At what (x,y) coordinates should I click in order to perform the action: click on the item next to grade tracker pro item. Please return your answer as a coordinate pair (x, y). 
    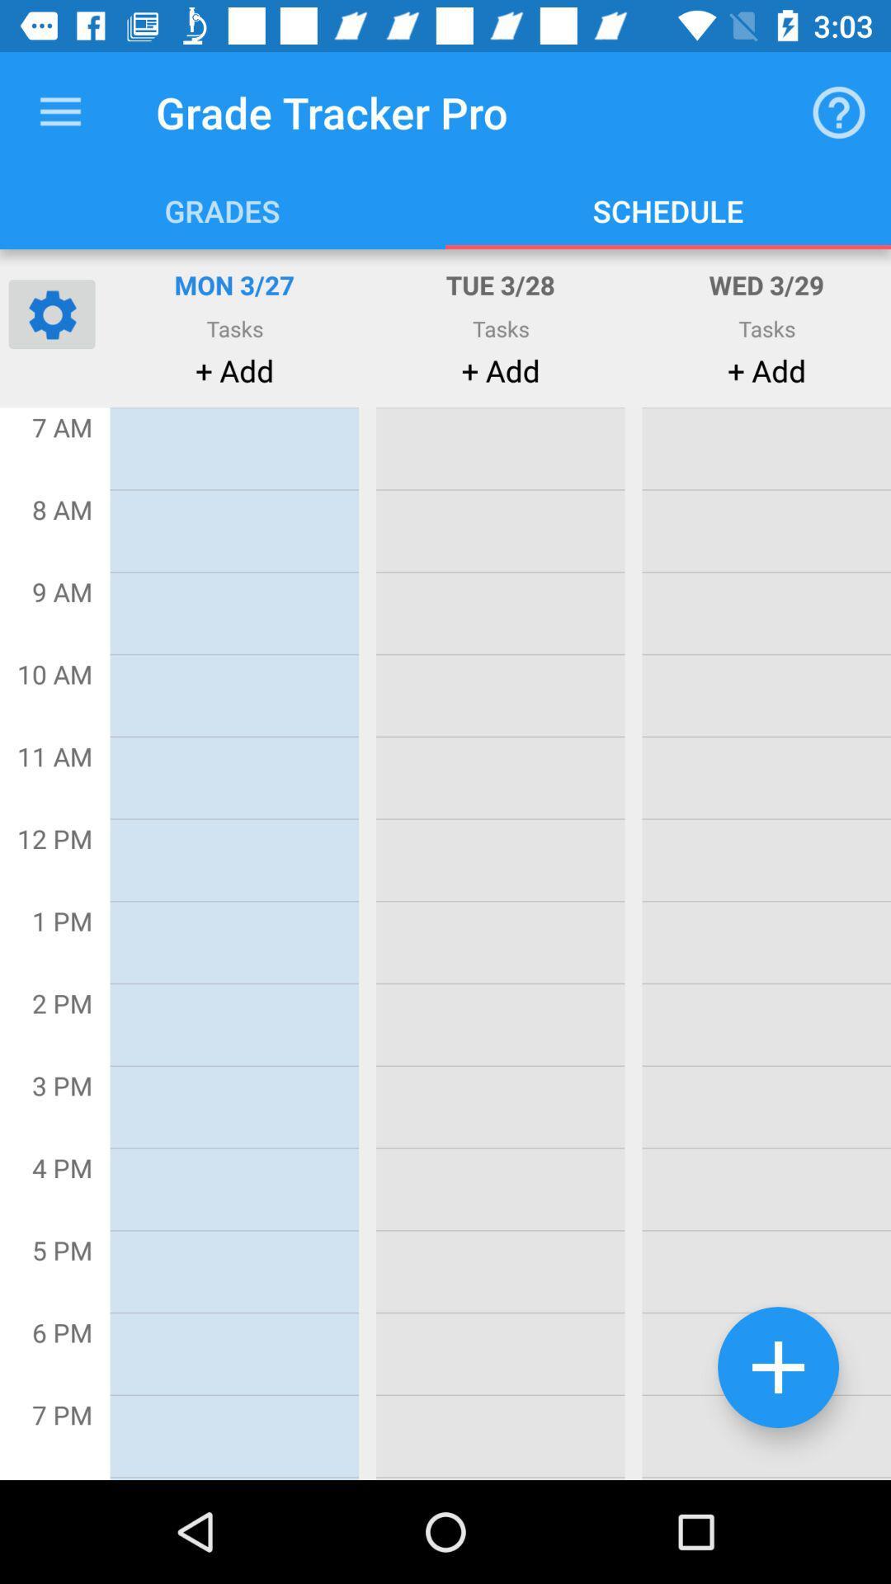
    Looking at the image, I should click on (839, 111).